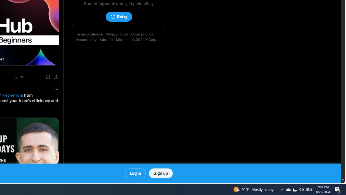  Describe the element at coordinates (48, 77) in the screenshot. I see `'Bookmark'` at that location.